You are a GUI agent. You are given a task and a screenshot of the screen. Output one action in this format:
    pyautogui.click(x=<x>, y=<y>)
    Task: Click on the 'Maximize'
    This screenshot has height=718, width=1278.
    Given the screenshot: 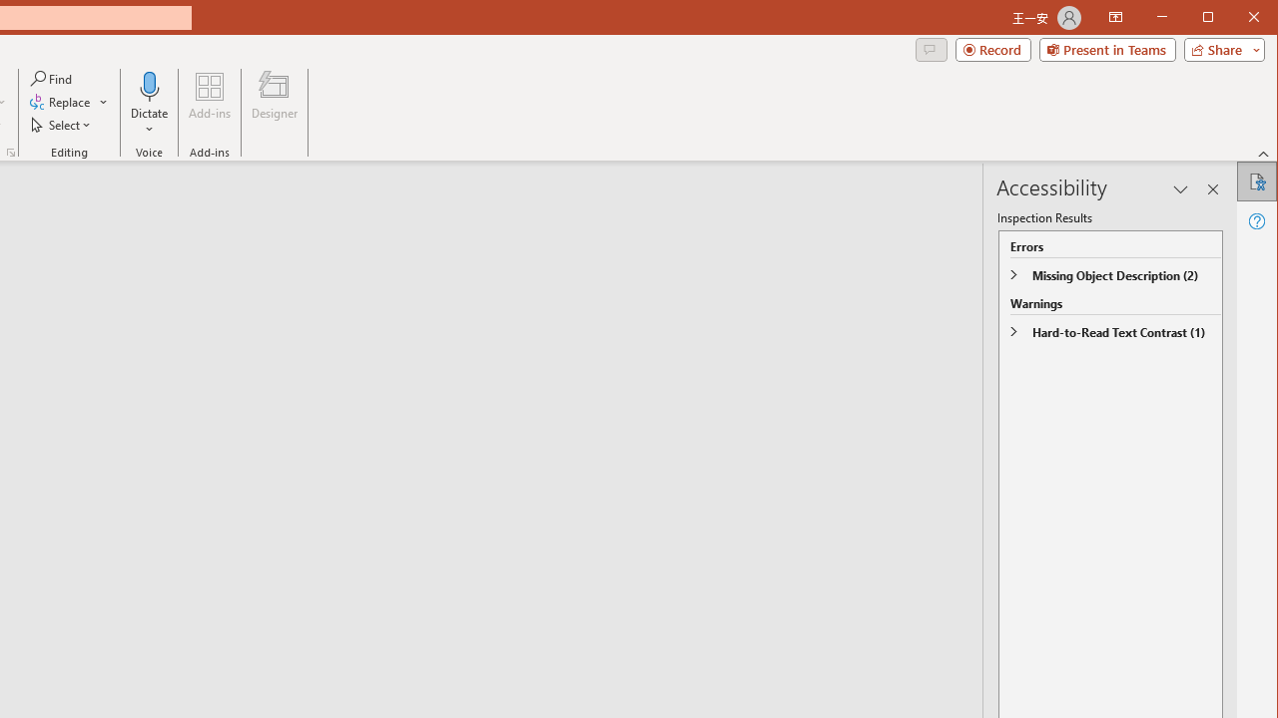 What is the action you would take?
    pyautogui.click(x=1236, y=19)
    